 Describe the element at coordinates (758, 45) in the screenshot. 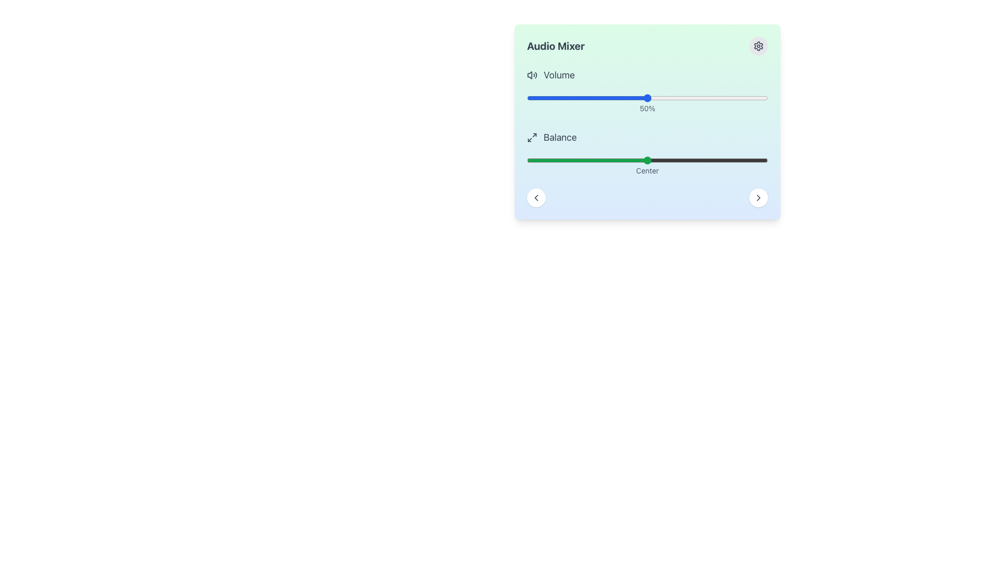

I see `the settings button located` at that location.